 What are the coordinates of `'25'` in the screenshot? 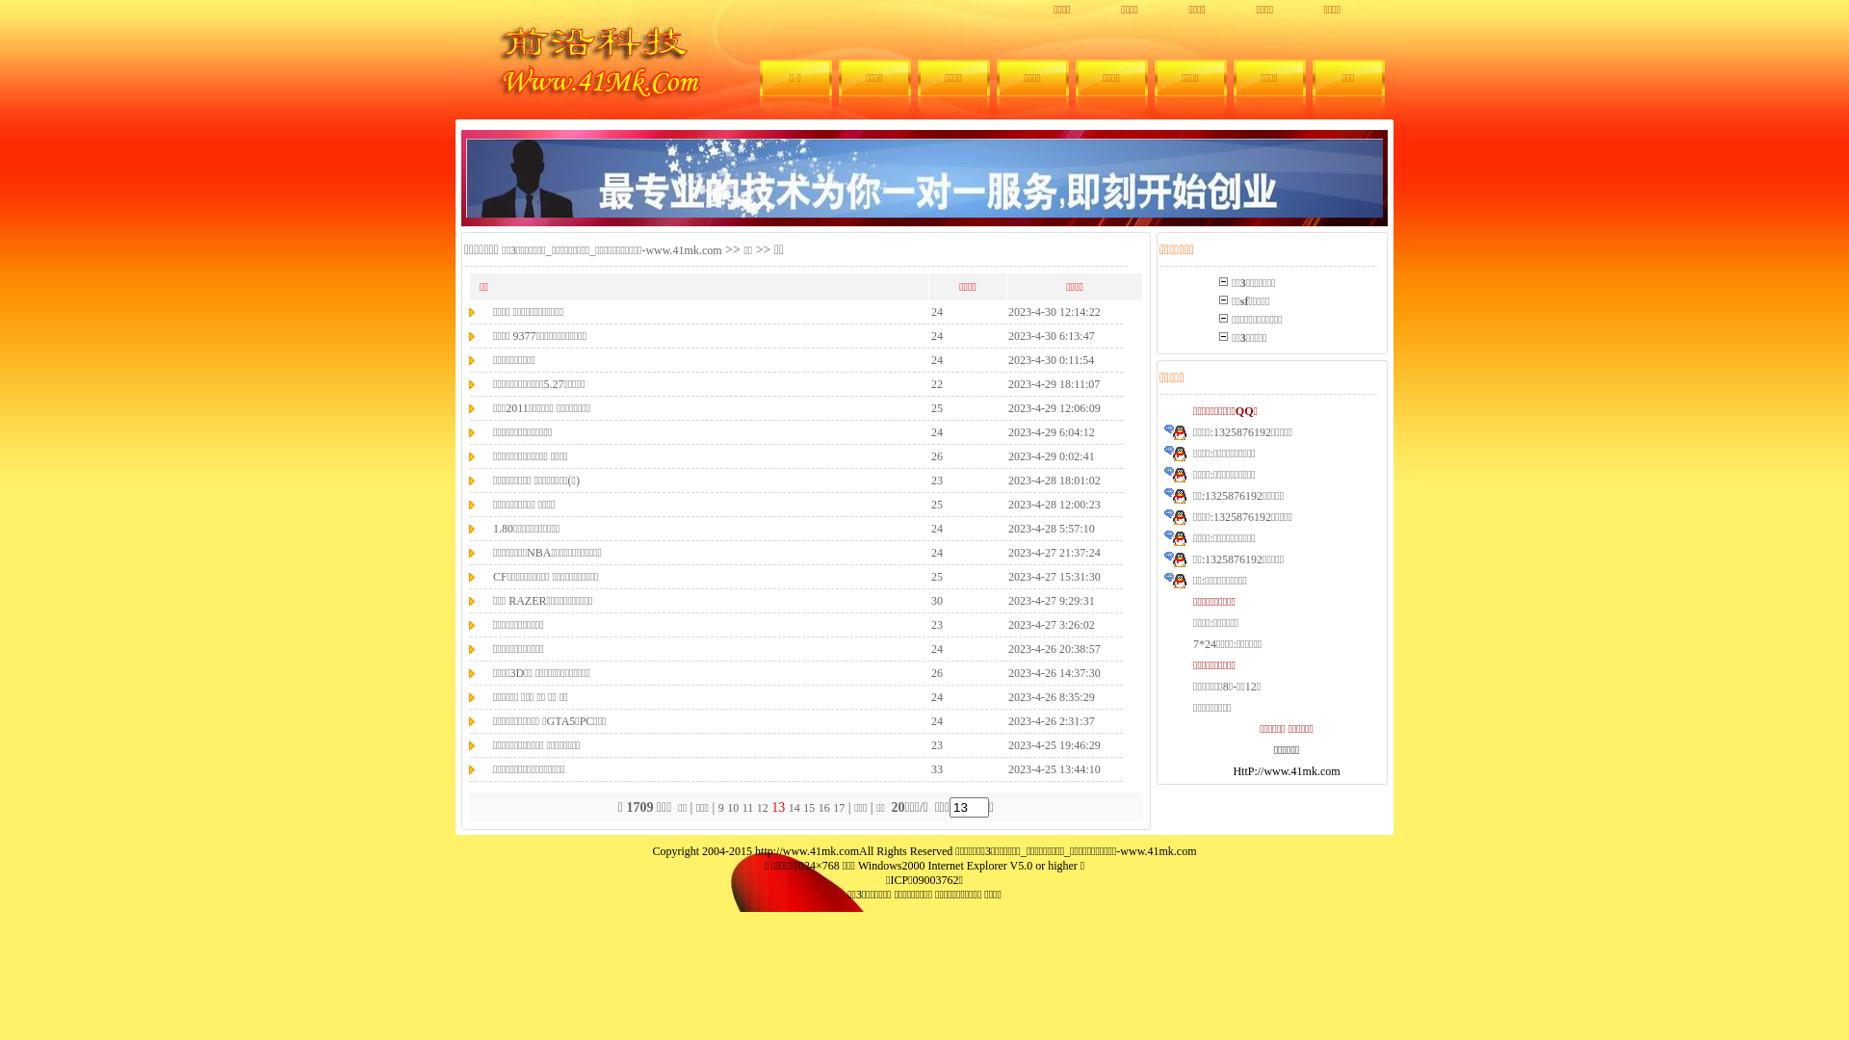 It's located at (937, 575).